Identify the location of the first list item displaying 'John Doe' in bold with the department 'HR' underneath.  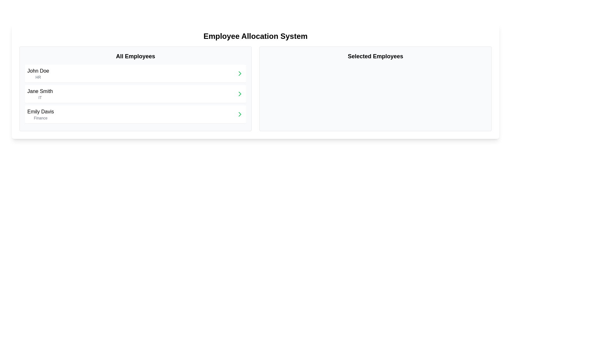
(135, 73).